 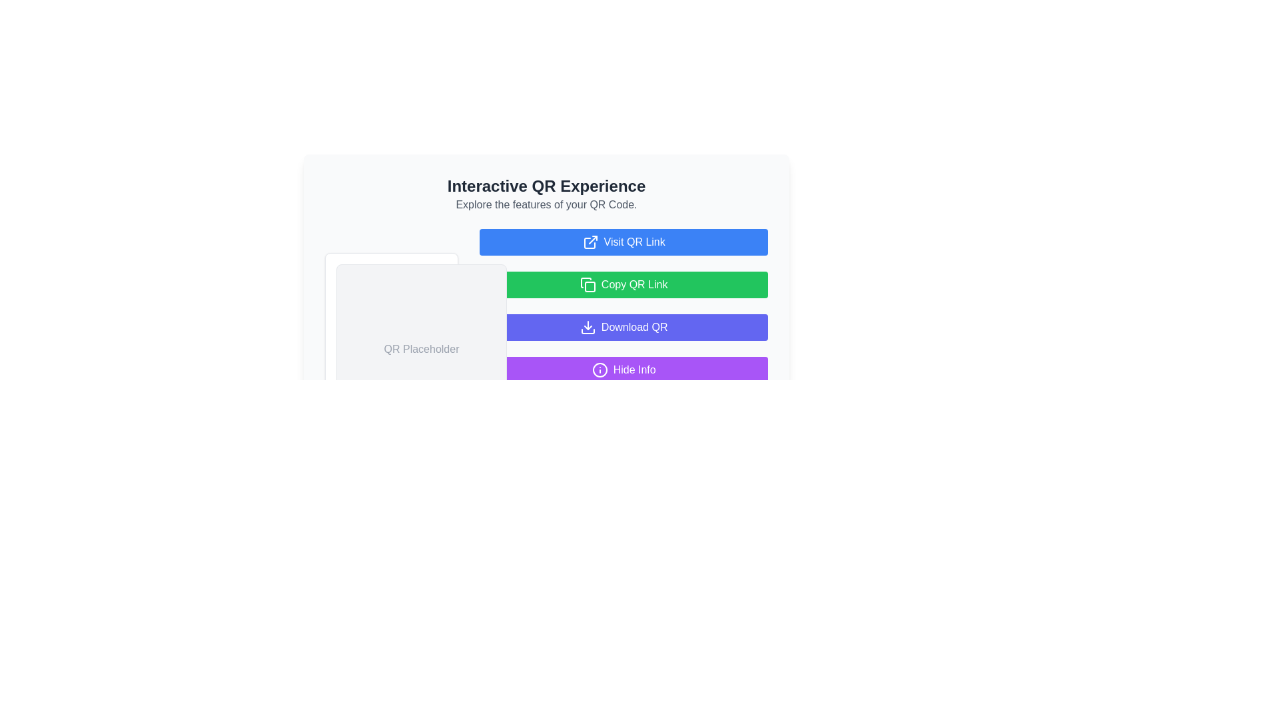 What do you see at coordinates (546, 186) in the screenshot?
I see `bold, large text that says 'Interactive QR Experience', which is styled in dark gray and positioned centrally above the smaller text below it` at bounding box center [546, 186].